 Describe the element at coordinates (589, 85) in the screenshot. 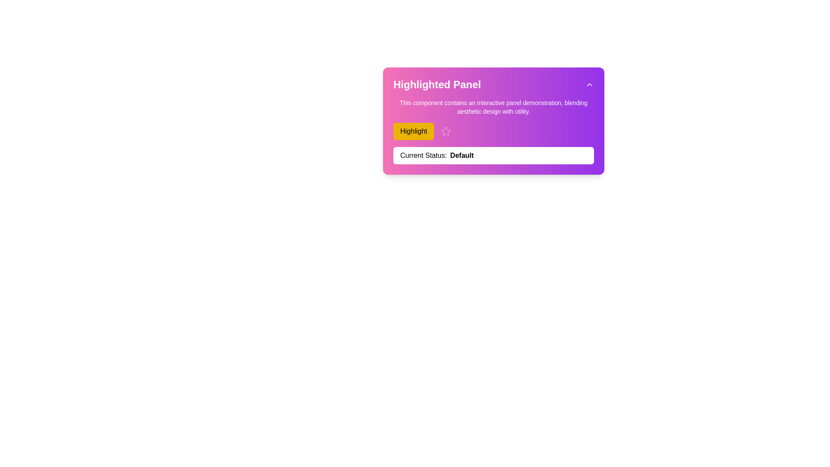

I see `the upward-pointing arrow icon button located at the top-right corner of the 'Highlighted Panel'` at that location.